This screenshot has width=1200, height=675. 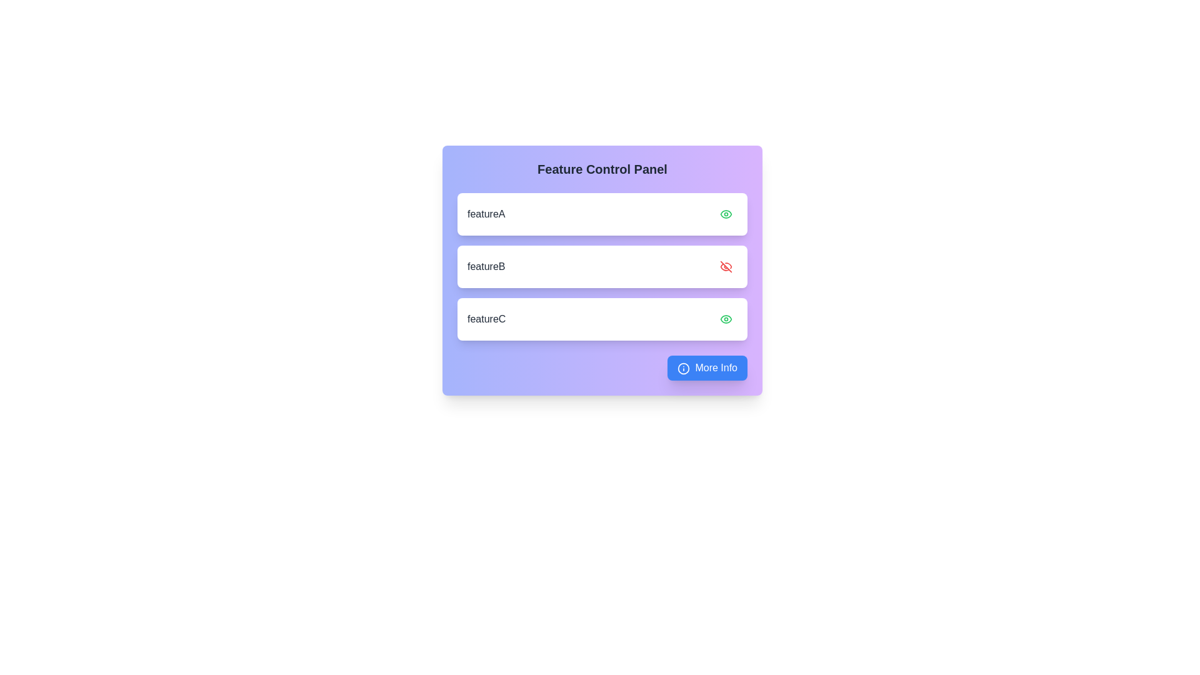 What do you see at coordinates (707, 367) in the screenshot?
I see `the 'More Info' button to access additional information` at bounding box center [707, 367].